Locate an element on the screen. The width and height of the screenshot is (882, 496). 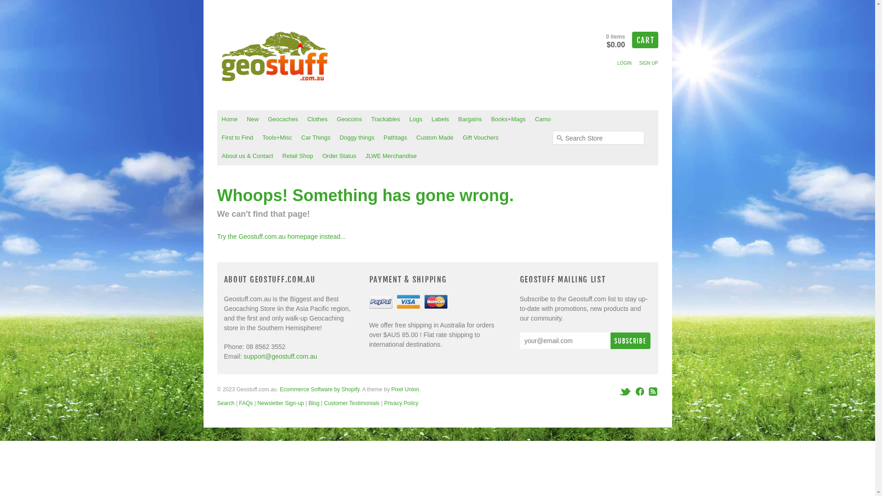
'Order Status' is located at coordinates (339, 155).